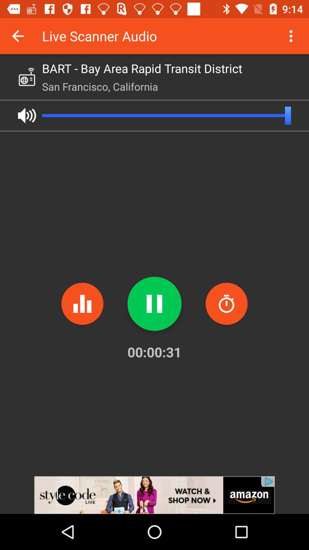 The height and width of the screenshot is (550, 309). I want to click on audio, so click(27, 115).